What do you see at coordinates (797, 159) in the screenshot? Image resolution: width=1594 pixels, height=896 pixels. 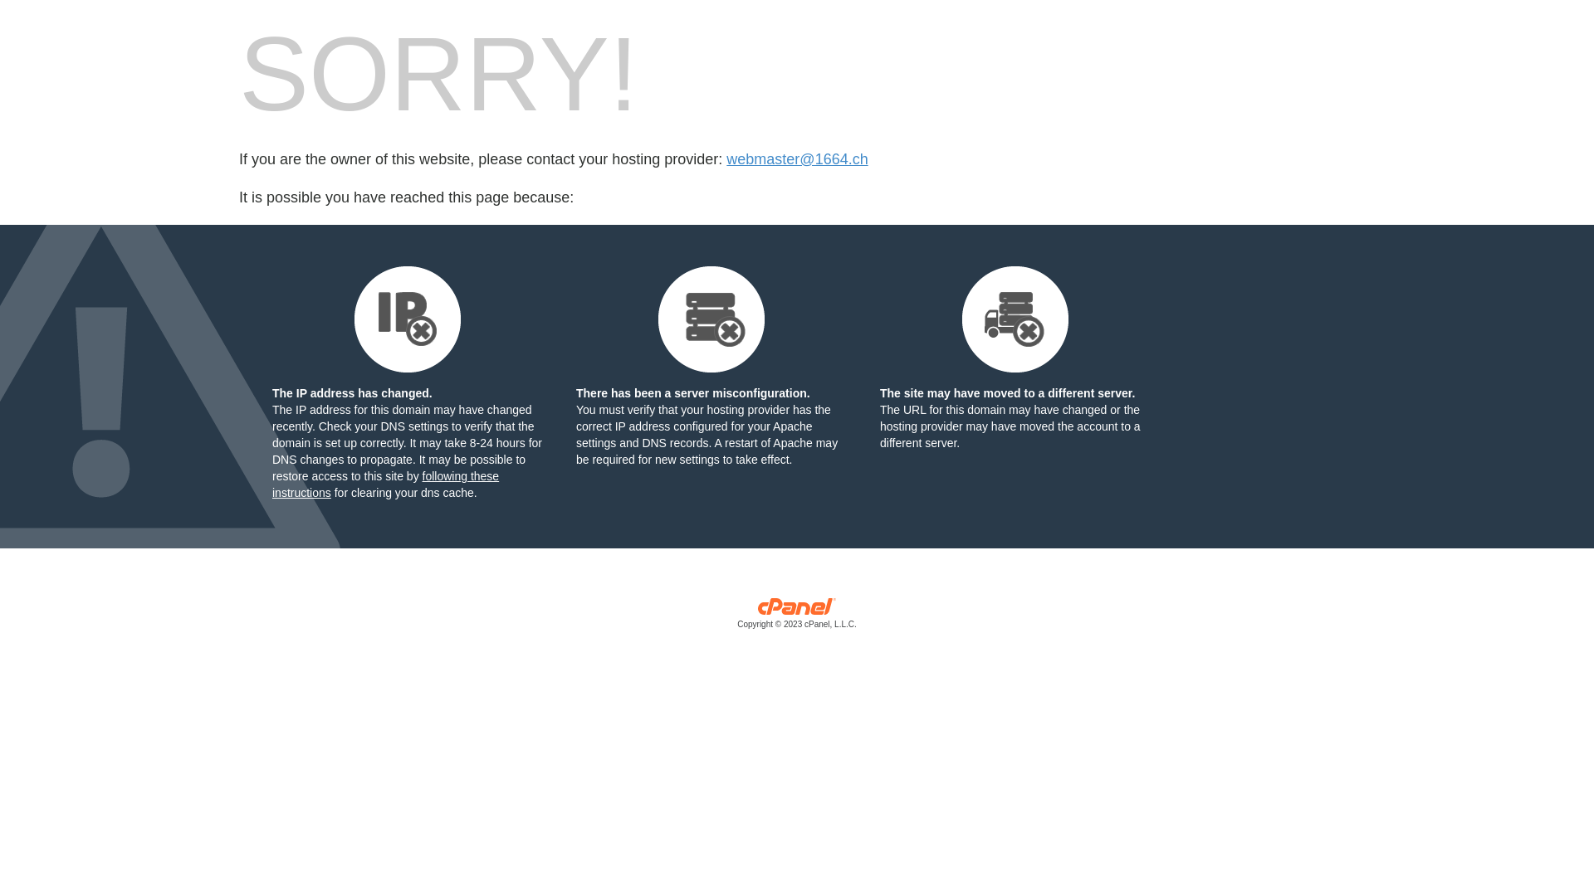 I see `'webmaster@1664.ch'` at bounding box center [797, 159].